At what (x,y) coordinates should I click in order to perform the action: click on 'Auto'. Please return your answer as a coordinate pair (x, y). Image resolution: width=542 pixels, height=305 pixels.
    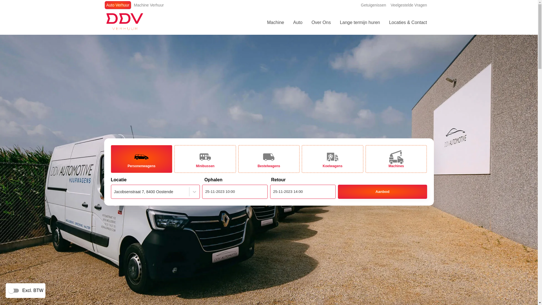
    Looking at the image, I should click on (289, 22).